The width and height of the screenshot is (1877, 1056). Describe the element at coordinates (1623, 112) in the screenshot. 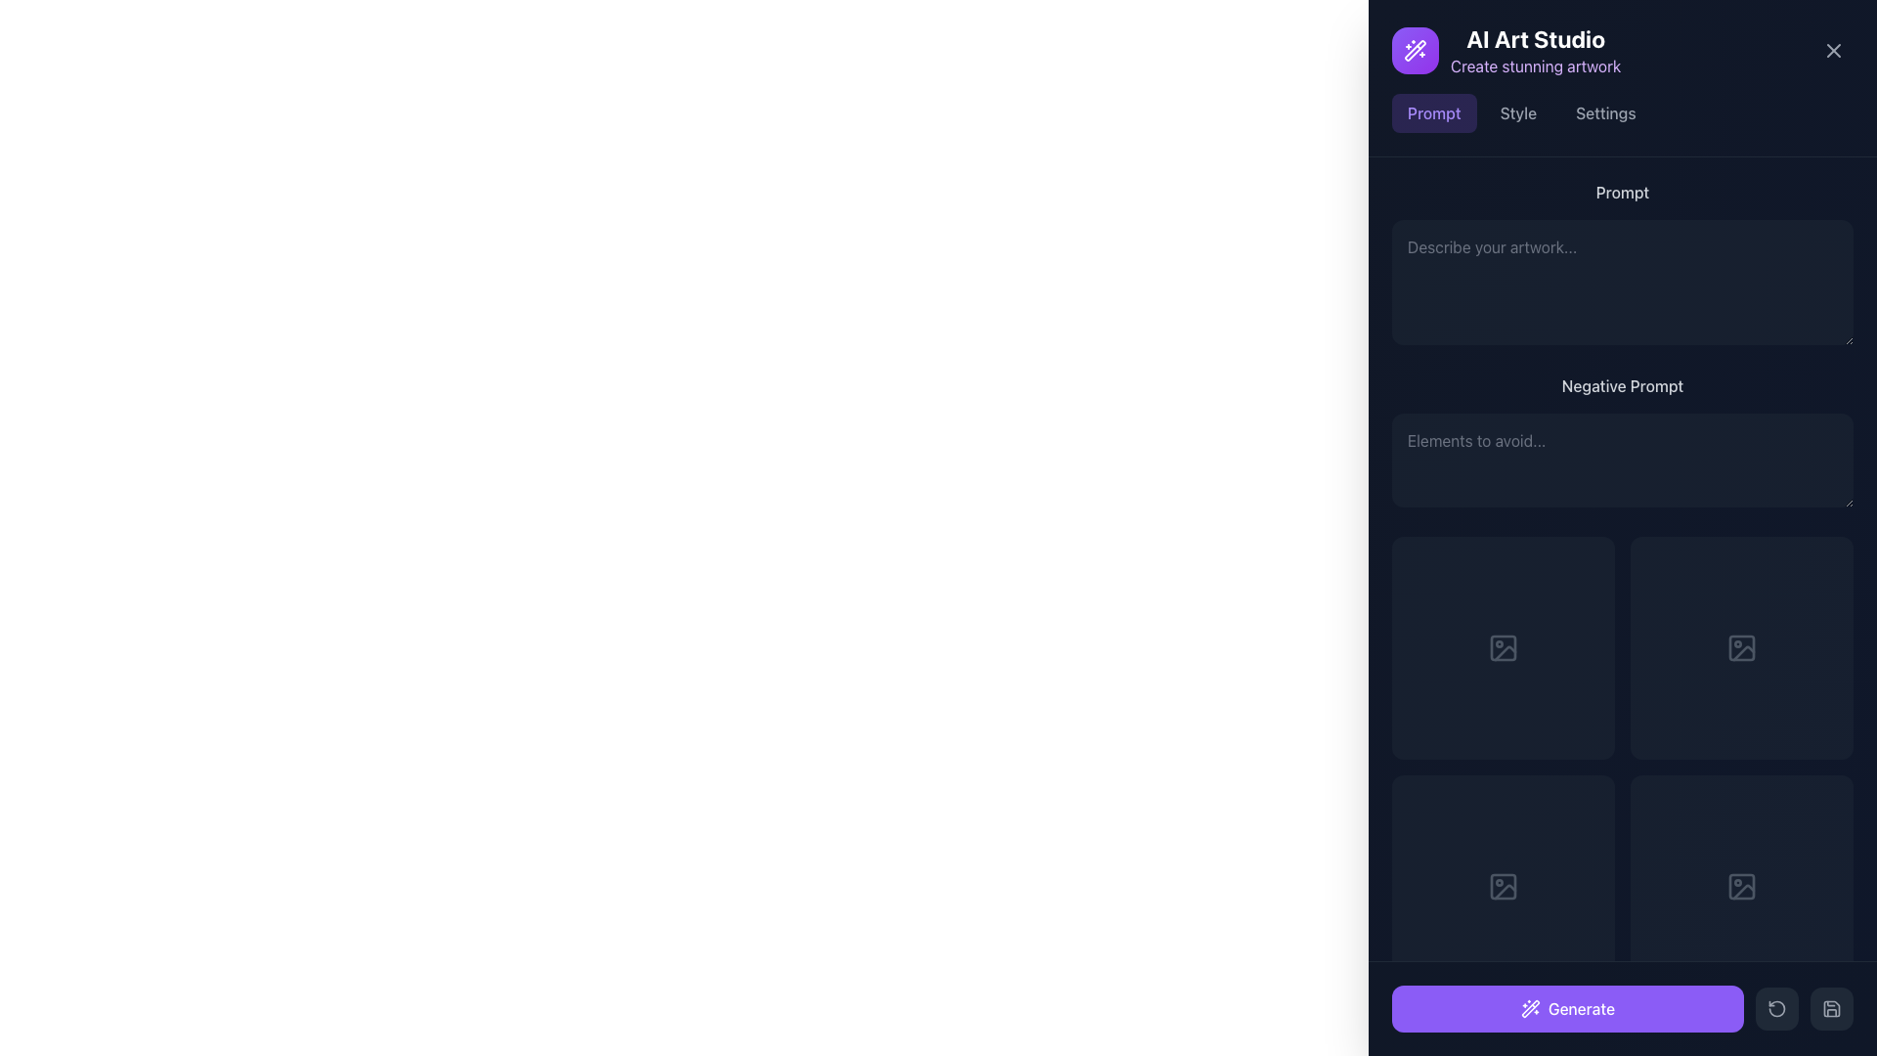

I see `the 'Settings' option in the horizontal navigation tabs of the AI Art Studio interface` at that location.